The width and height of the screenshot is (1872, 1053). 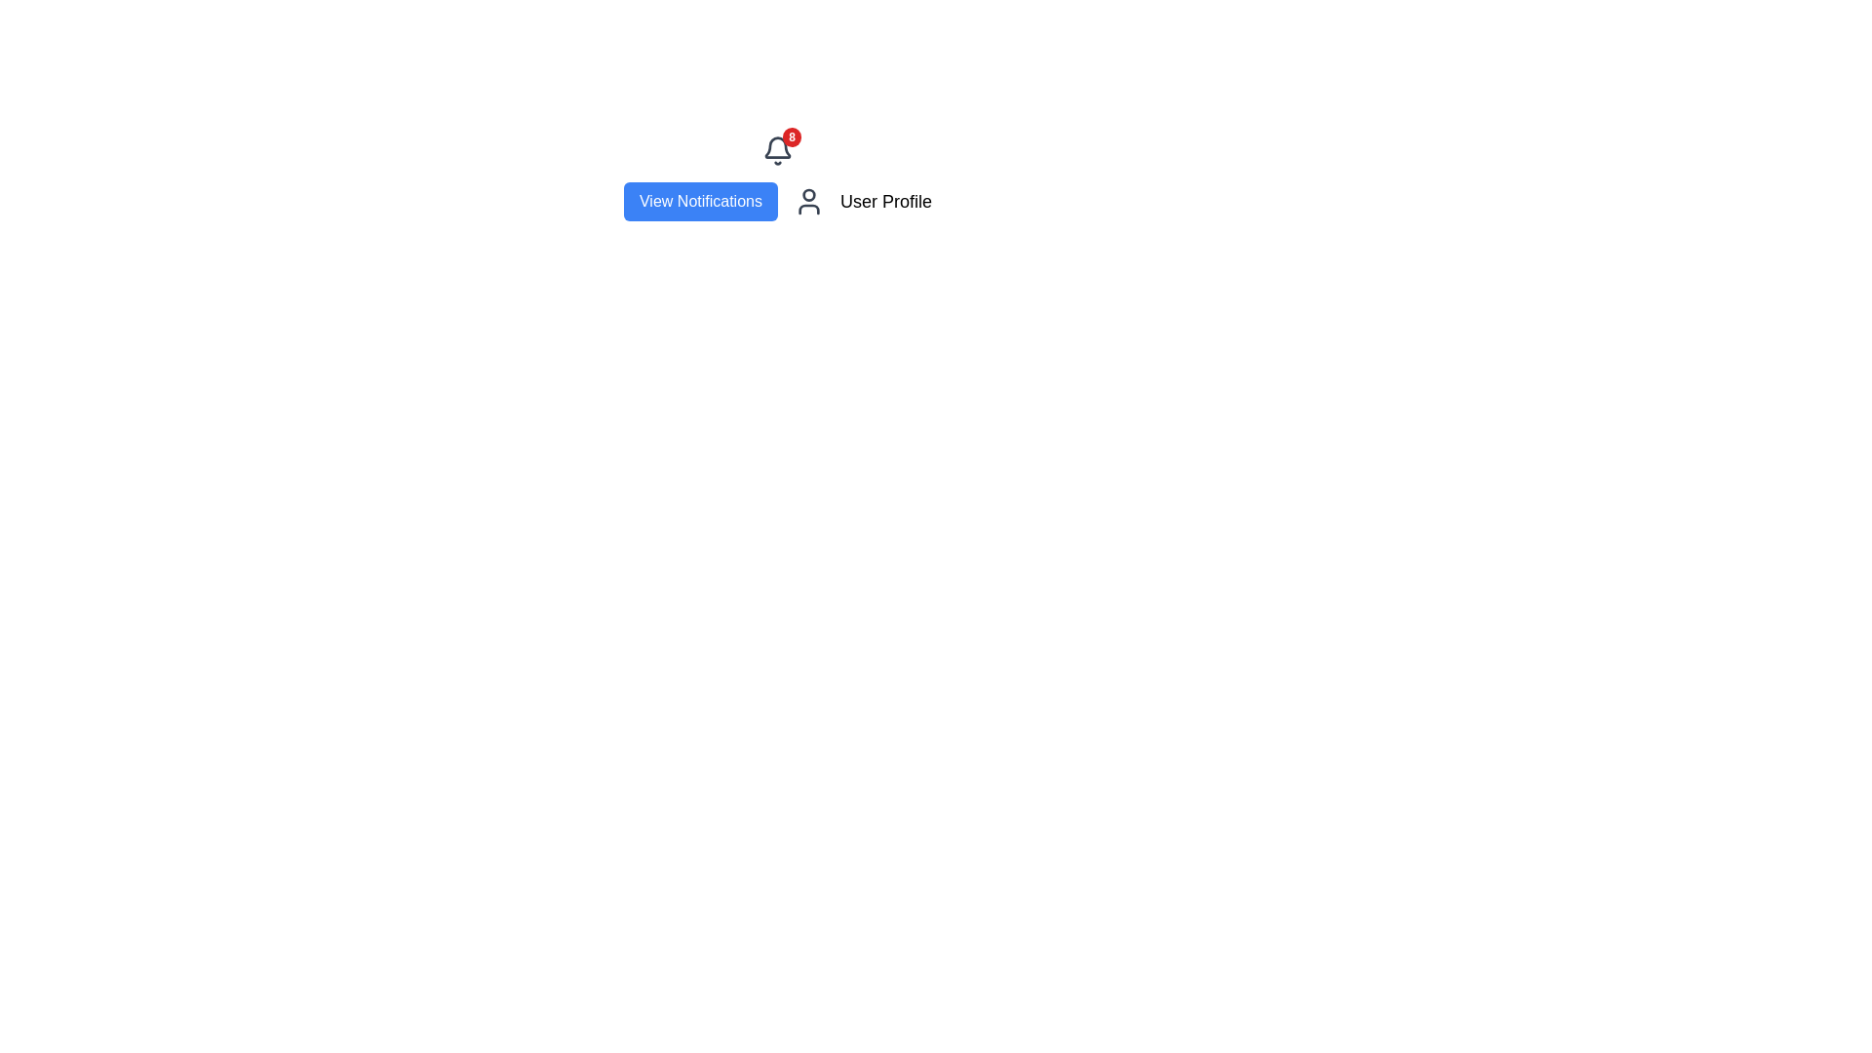 What do you see at coordinates (701, 202) in the screenshot?
I see `the notifications button located on the left side of the user profile icon and label, which serves` at bounding box center [701, 202].